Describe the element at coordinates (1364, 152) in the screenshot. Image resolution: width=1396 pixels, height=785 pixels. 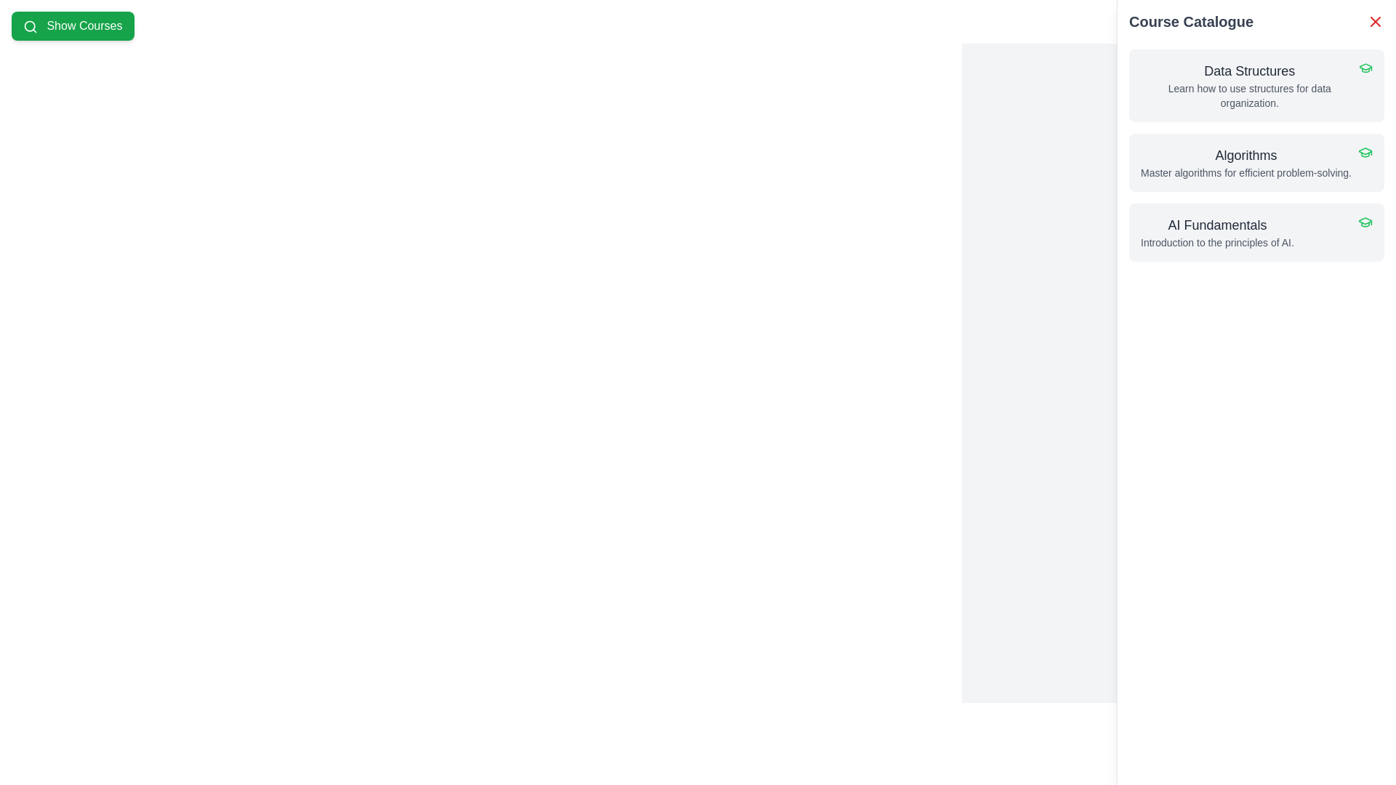
I see `the green graduation cap SVG icon located in the top-right corner of the 'Algorithms' section next to the 'Algorithms' course description` at that location.